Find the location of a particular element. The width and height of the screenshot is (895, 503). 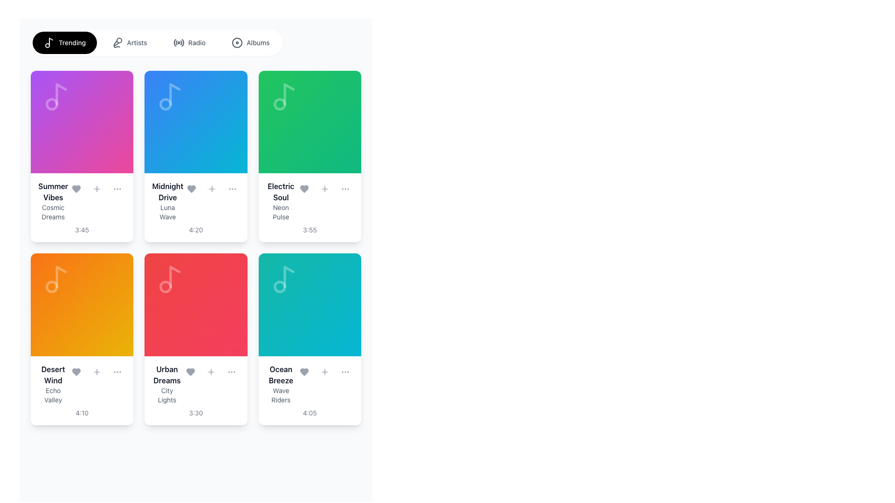

the plus symbol button located within the 'Midnight Drive' card, positioned to the right of the heart icon is located at coordinates (212, 189).